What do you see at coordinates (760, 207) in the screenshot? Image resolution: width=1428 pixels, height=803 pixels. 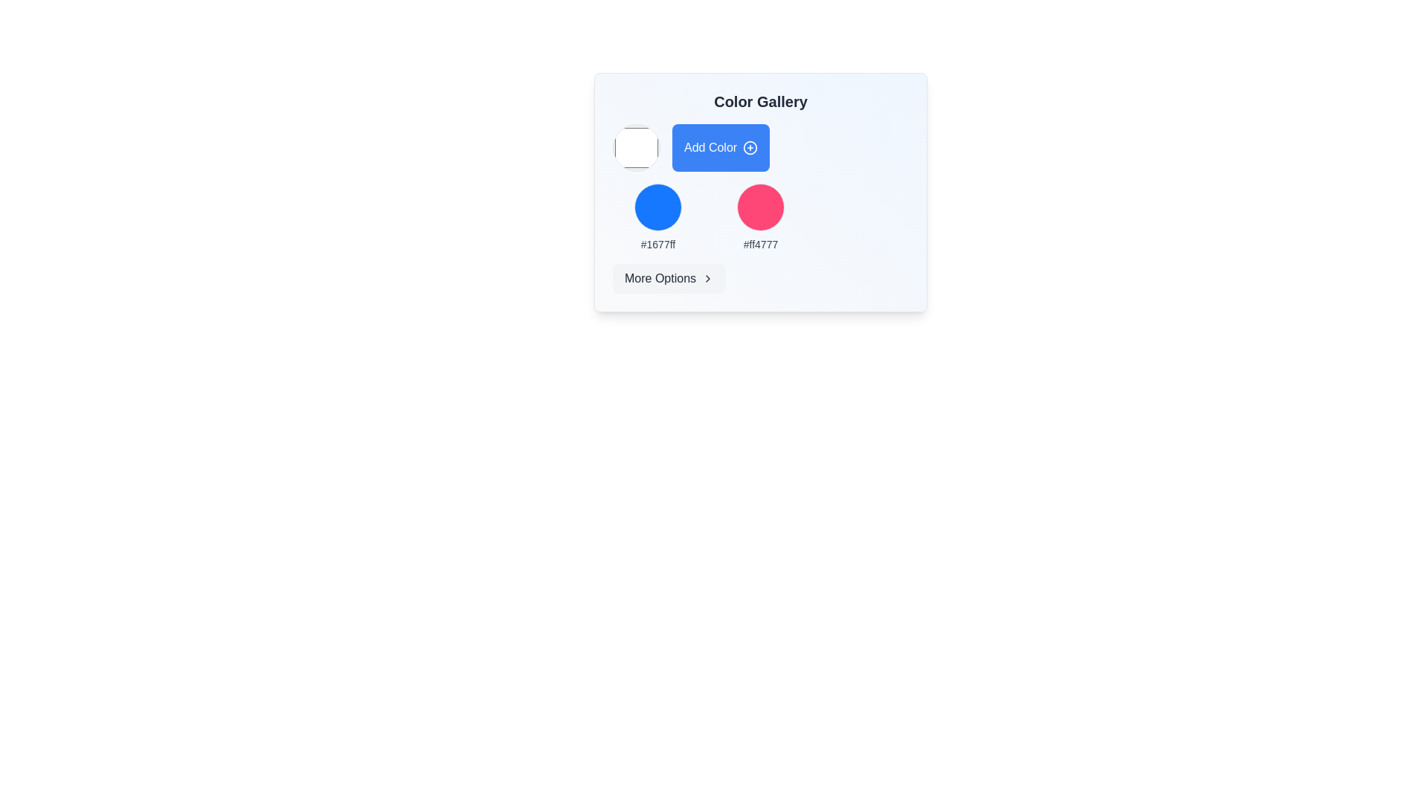 I see `the circular color representation component that visually represents the color associated with the color code '#ff4777' in the Color Gallery panel` at bounding box center [760, 207].